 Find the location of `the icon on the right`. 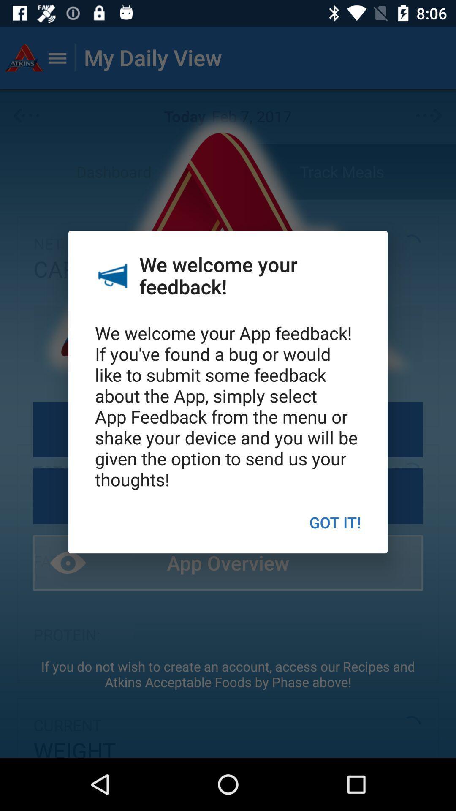

the icon on the right is located at coordinates (334, 522).